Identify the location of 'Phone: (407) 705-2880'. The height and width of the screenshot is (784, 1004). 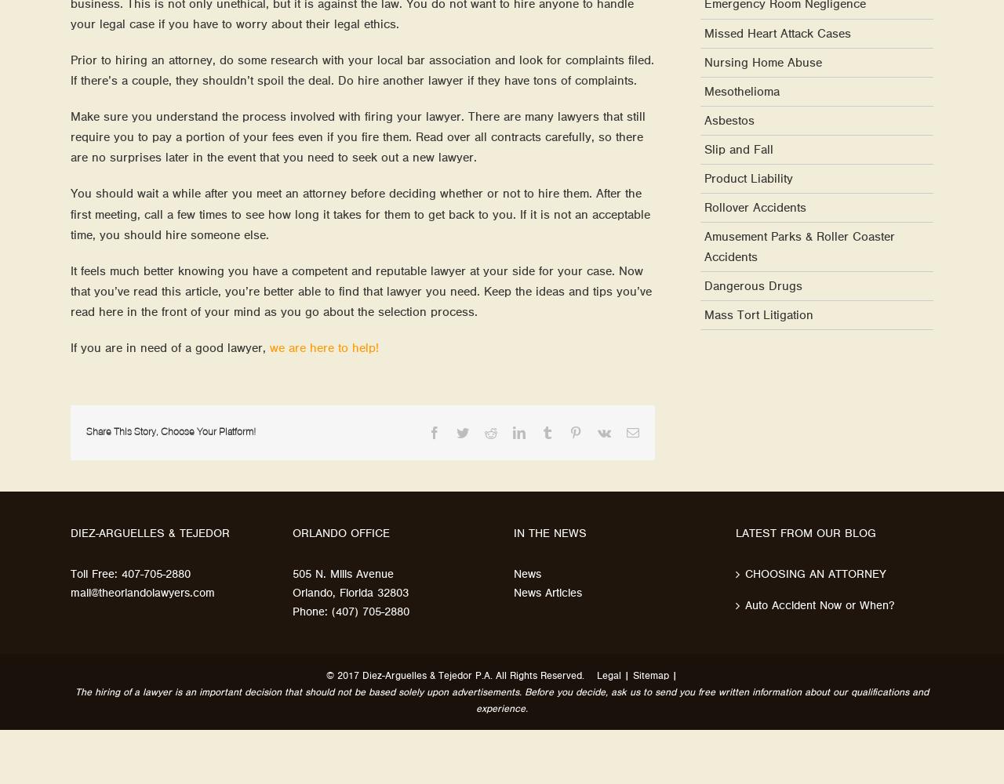
(291, 612).